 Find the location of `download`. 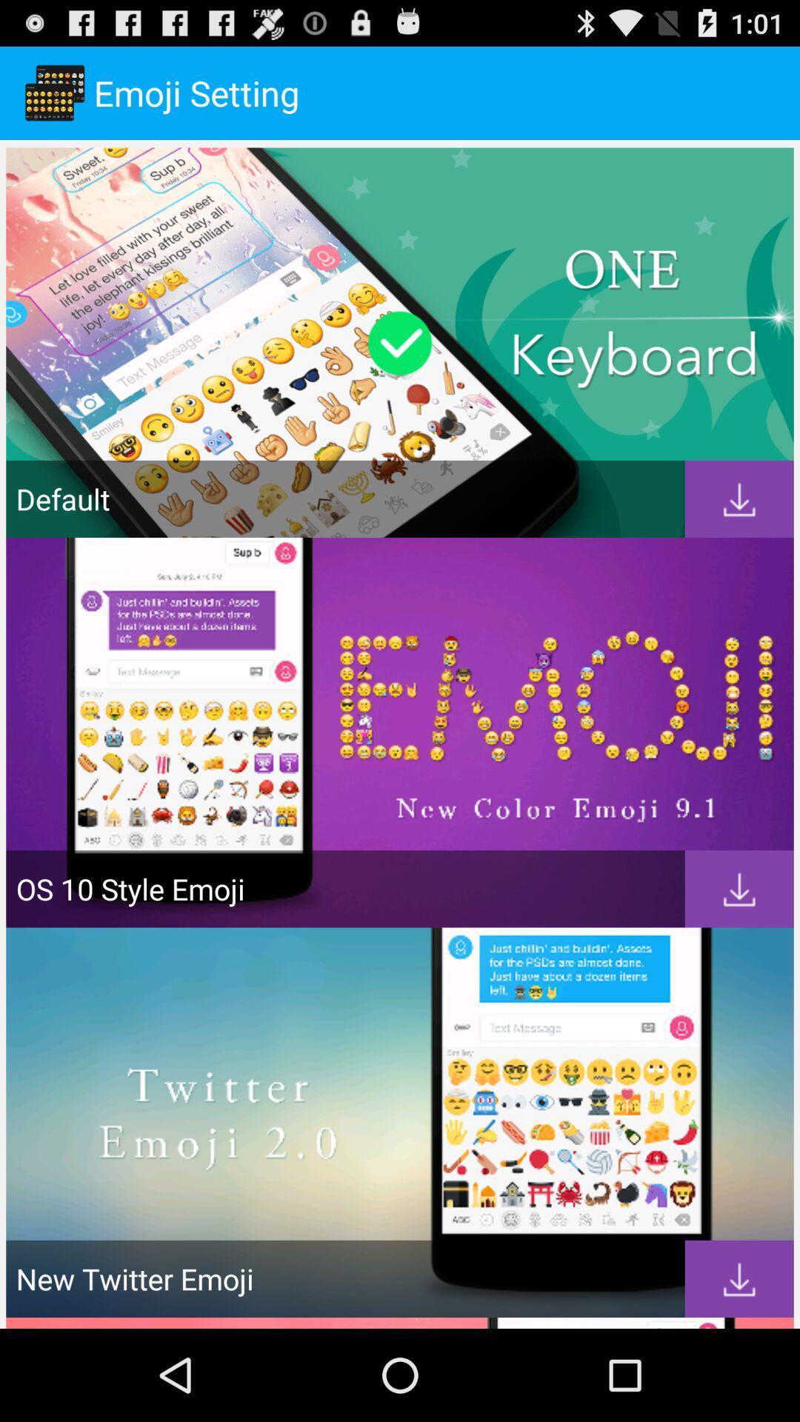

download is located at coordinates (739, 499).